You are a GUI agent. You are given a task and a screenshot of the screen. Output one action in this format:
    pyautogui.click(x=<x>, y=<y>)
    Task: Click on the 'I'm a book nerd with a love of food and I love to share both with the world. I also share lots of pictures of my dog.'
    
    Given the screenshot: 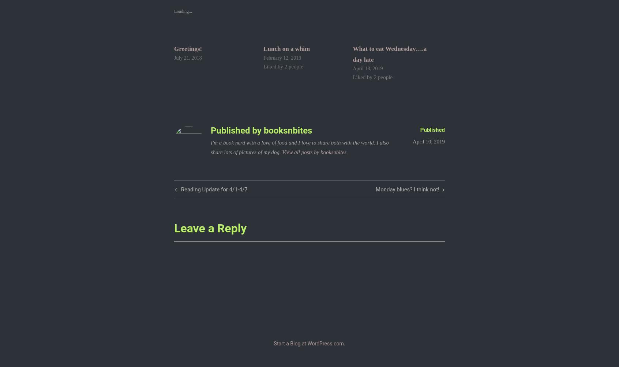 What is the action you would take?
    pyautogui.click(x=300, y=147)
    